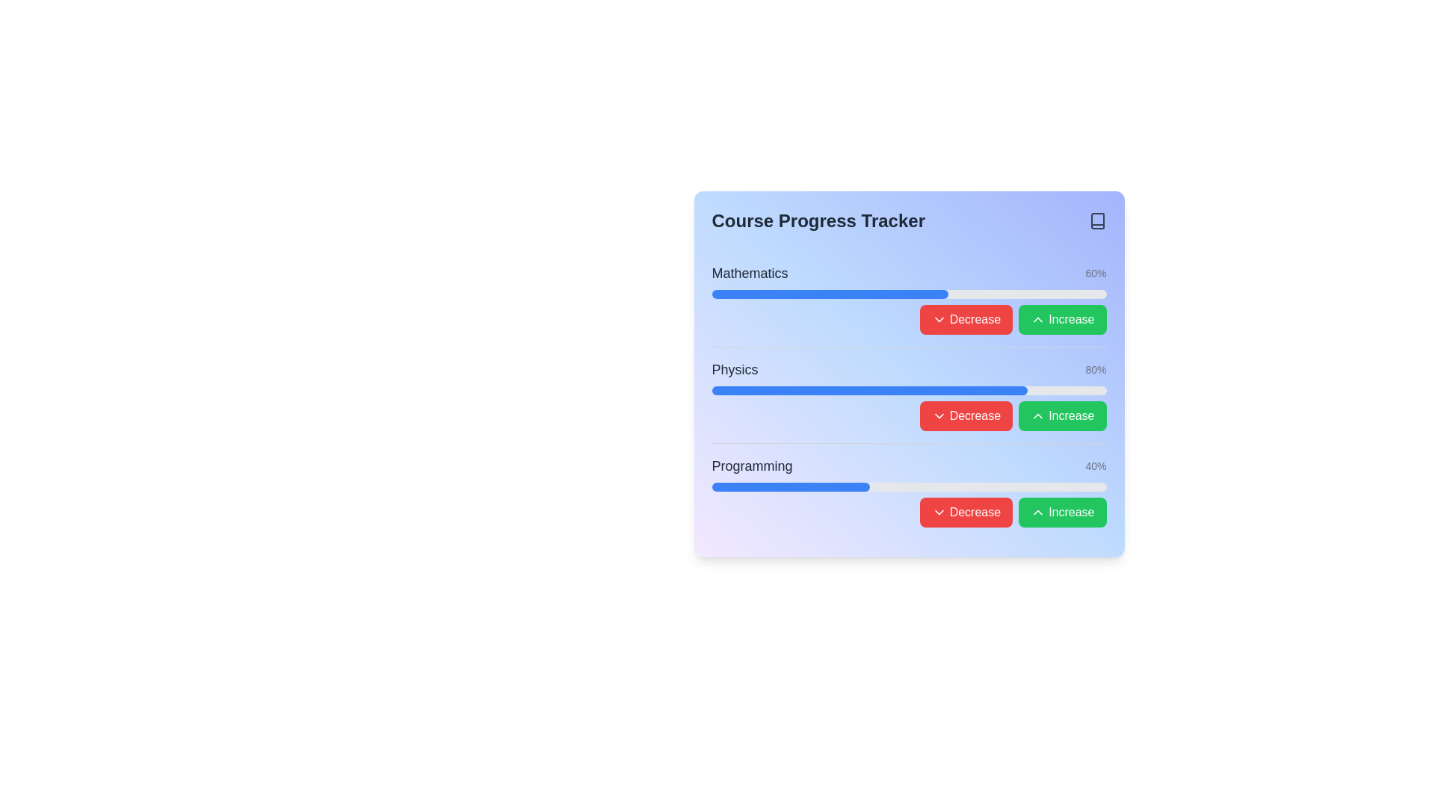 This screenshot has width=1435, height=807. What do you see at coordinates (966, 512) in the screenshot?
I see `the first button on the right of the progress bar labeled 'Programming' to decrease the progress` at bounding box center [966, 512].